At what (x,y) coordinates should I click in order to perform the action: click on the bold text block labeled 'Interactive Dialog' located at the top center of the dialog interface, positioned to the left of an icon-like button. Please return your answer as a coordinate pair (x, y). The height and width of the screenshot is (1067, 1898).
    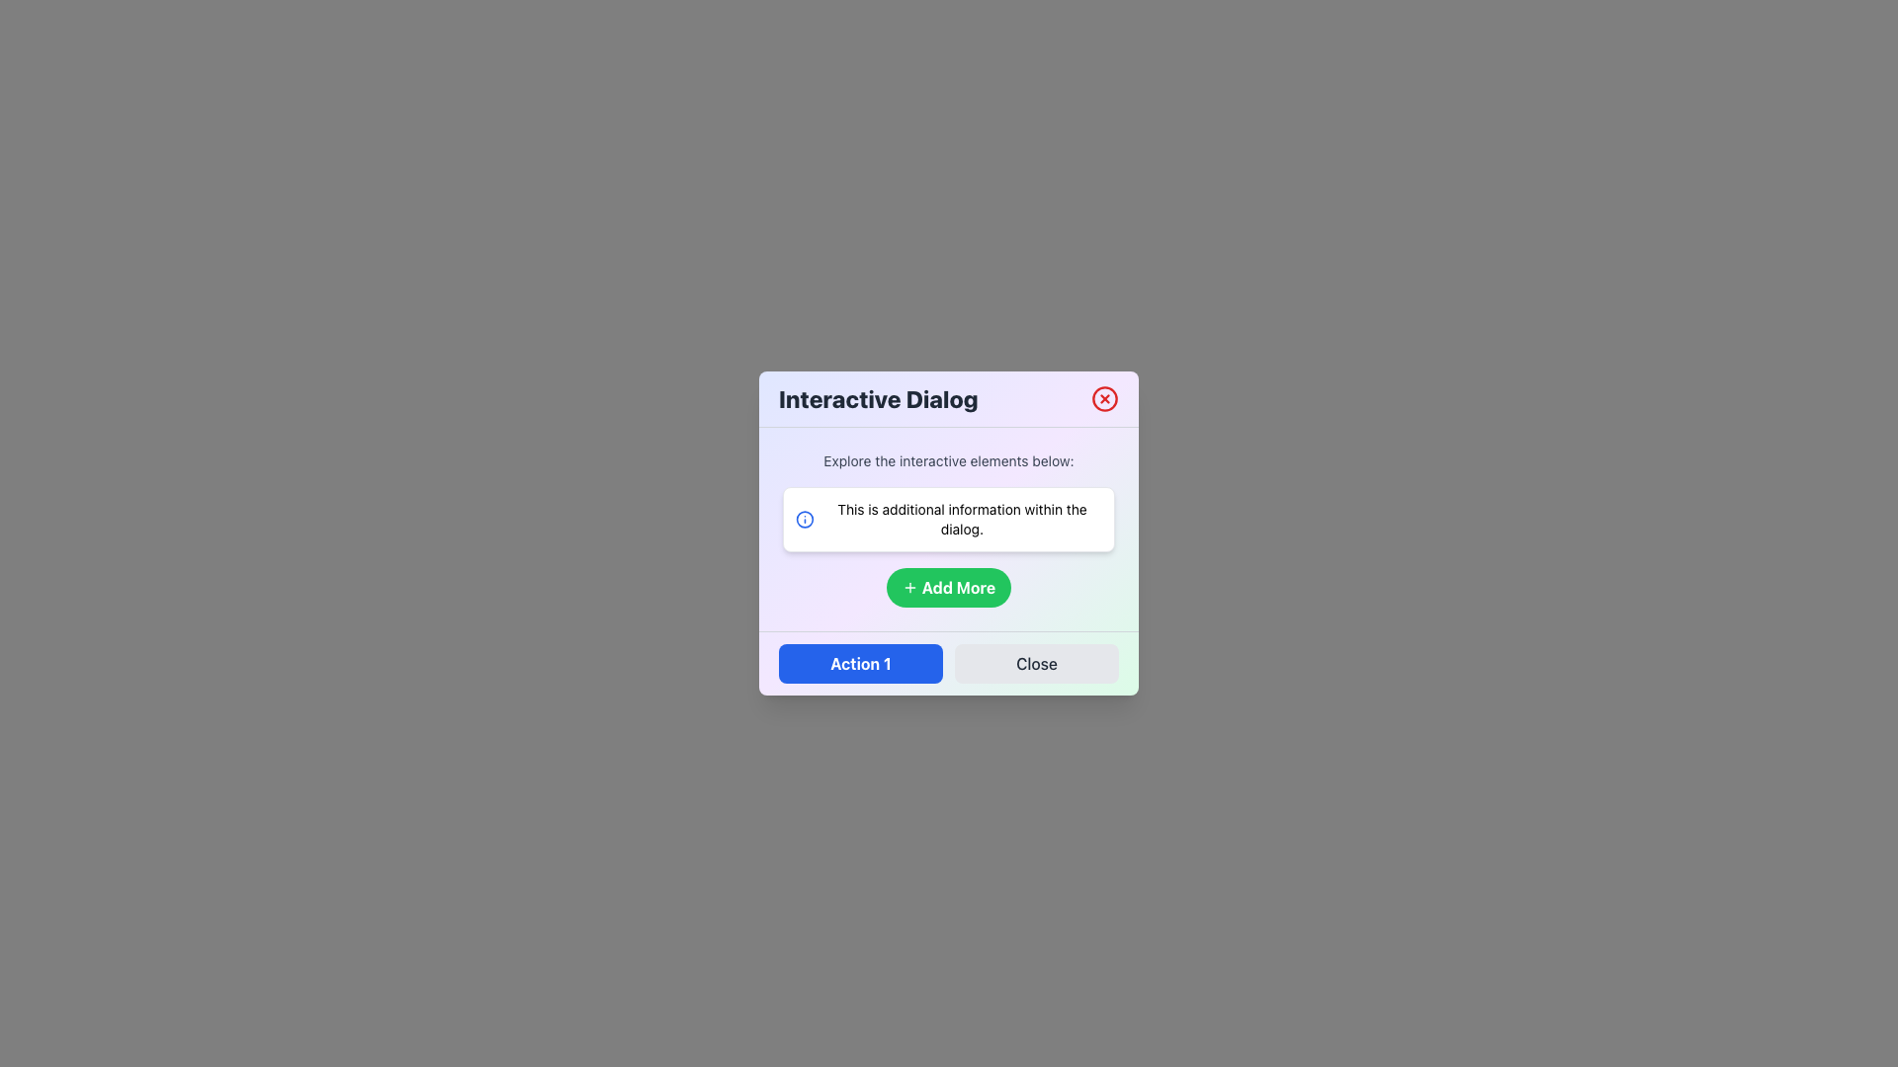
    Looking at the image, I should click on (877, 399).